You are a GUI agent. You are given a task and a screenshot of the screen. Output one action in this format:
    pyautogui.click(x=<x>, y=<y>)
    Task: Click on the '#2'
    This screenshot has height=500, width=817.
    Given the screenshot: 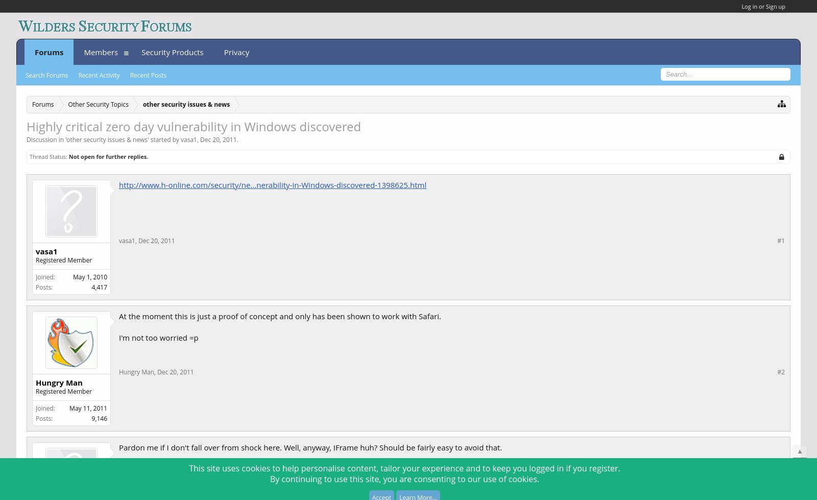 What is the action you would take?
    pyautogui.click(x=777, y=371)
    